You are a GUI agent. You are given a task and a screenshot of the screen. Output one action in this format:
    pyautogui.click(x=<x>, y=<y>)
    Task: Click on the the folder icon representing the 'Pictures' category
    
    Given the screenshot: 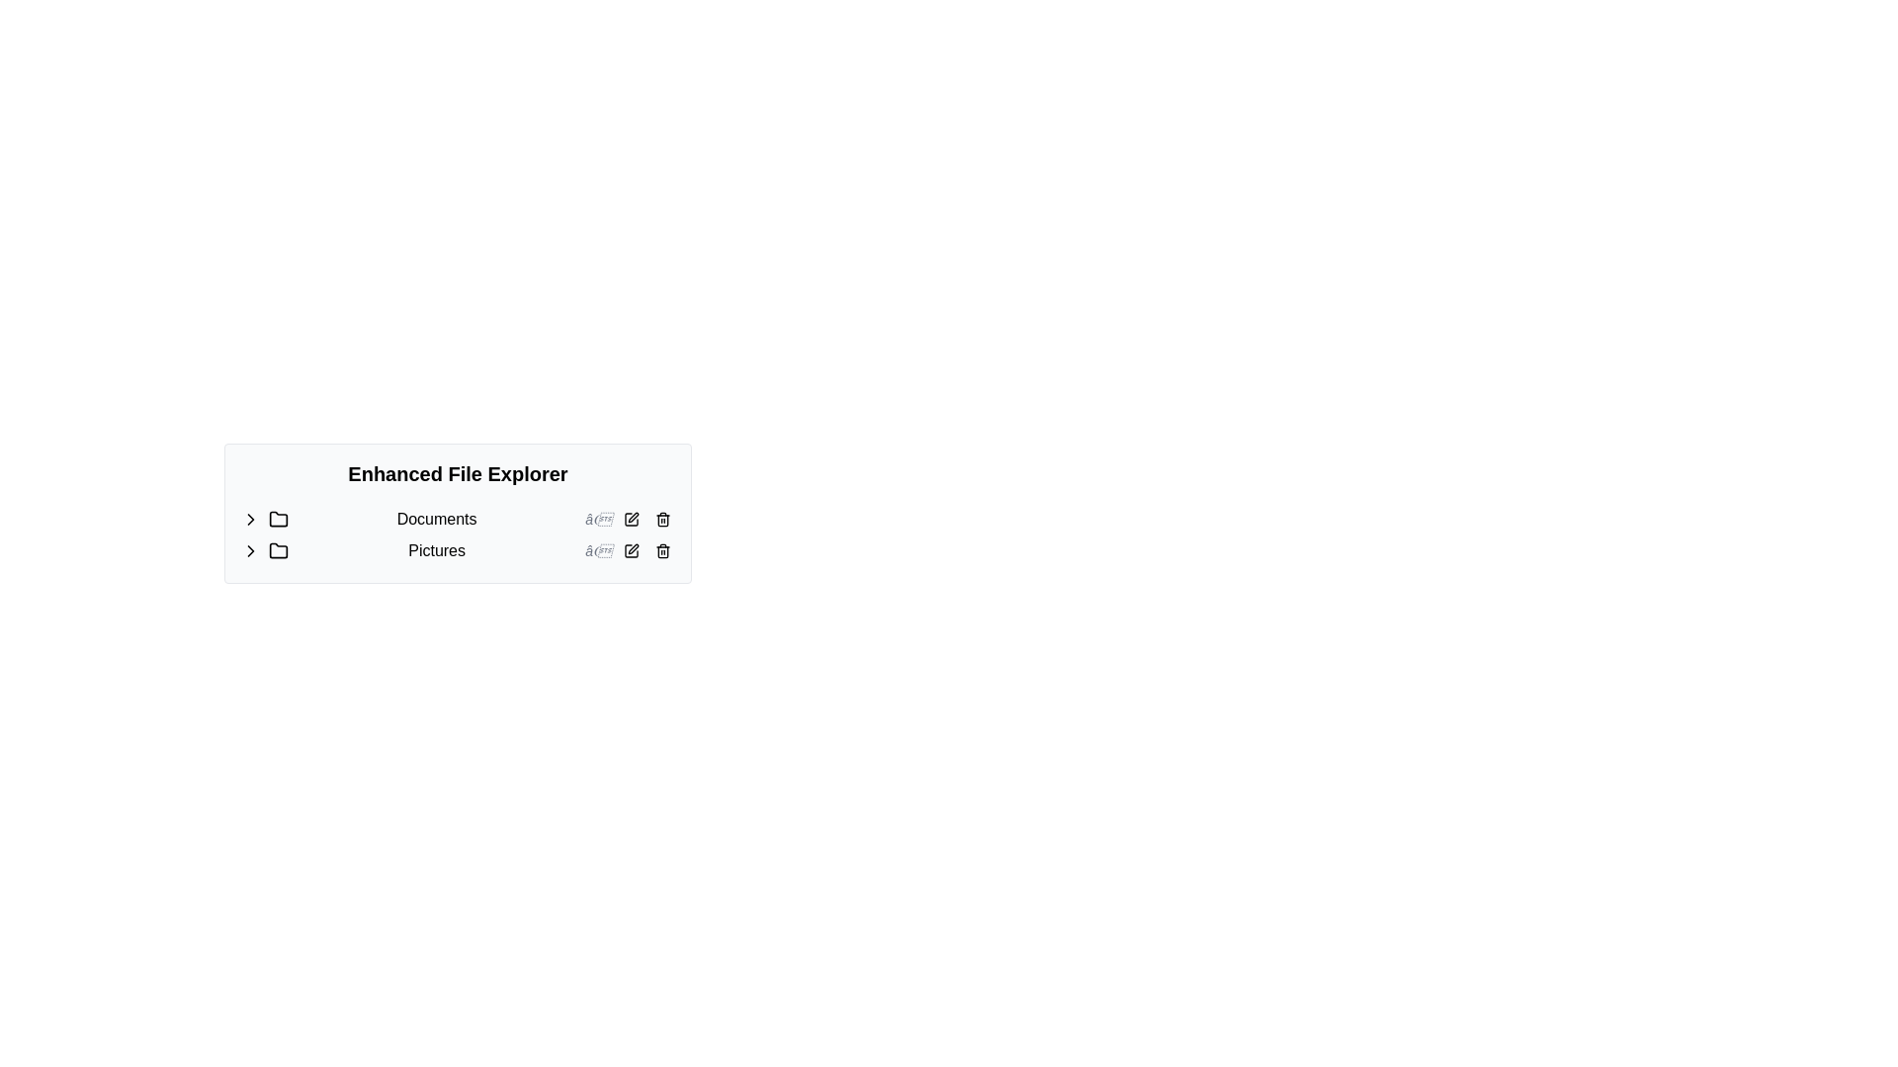 What is the action you would take?
    pyautogui.click(x=278, y=551)
    